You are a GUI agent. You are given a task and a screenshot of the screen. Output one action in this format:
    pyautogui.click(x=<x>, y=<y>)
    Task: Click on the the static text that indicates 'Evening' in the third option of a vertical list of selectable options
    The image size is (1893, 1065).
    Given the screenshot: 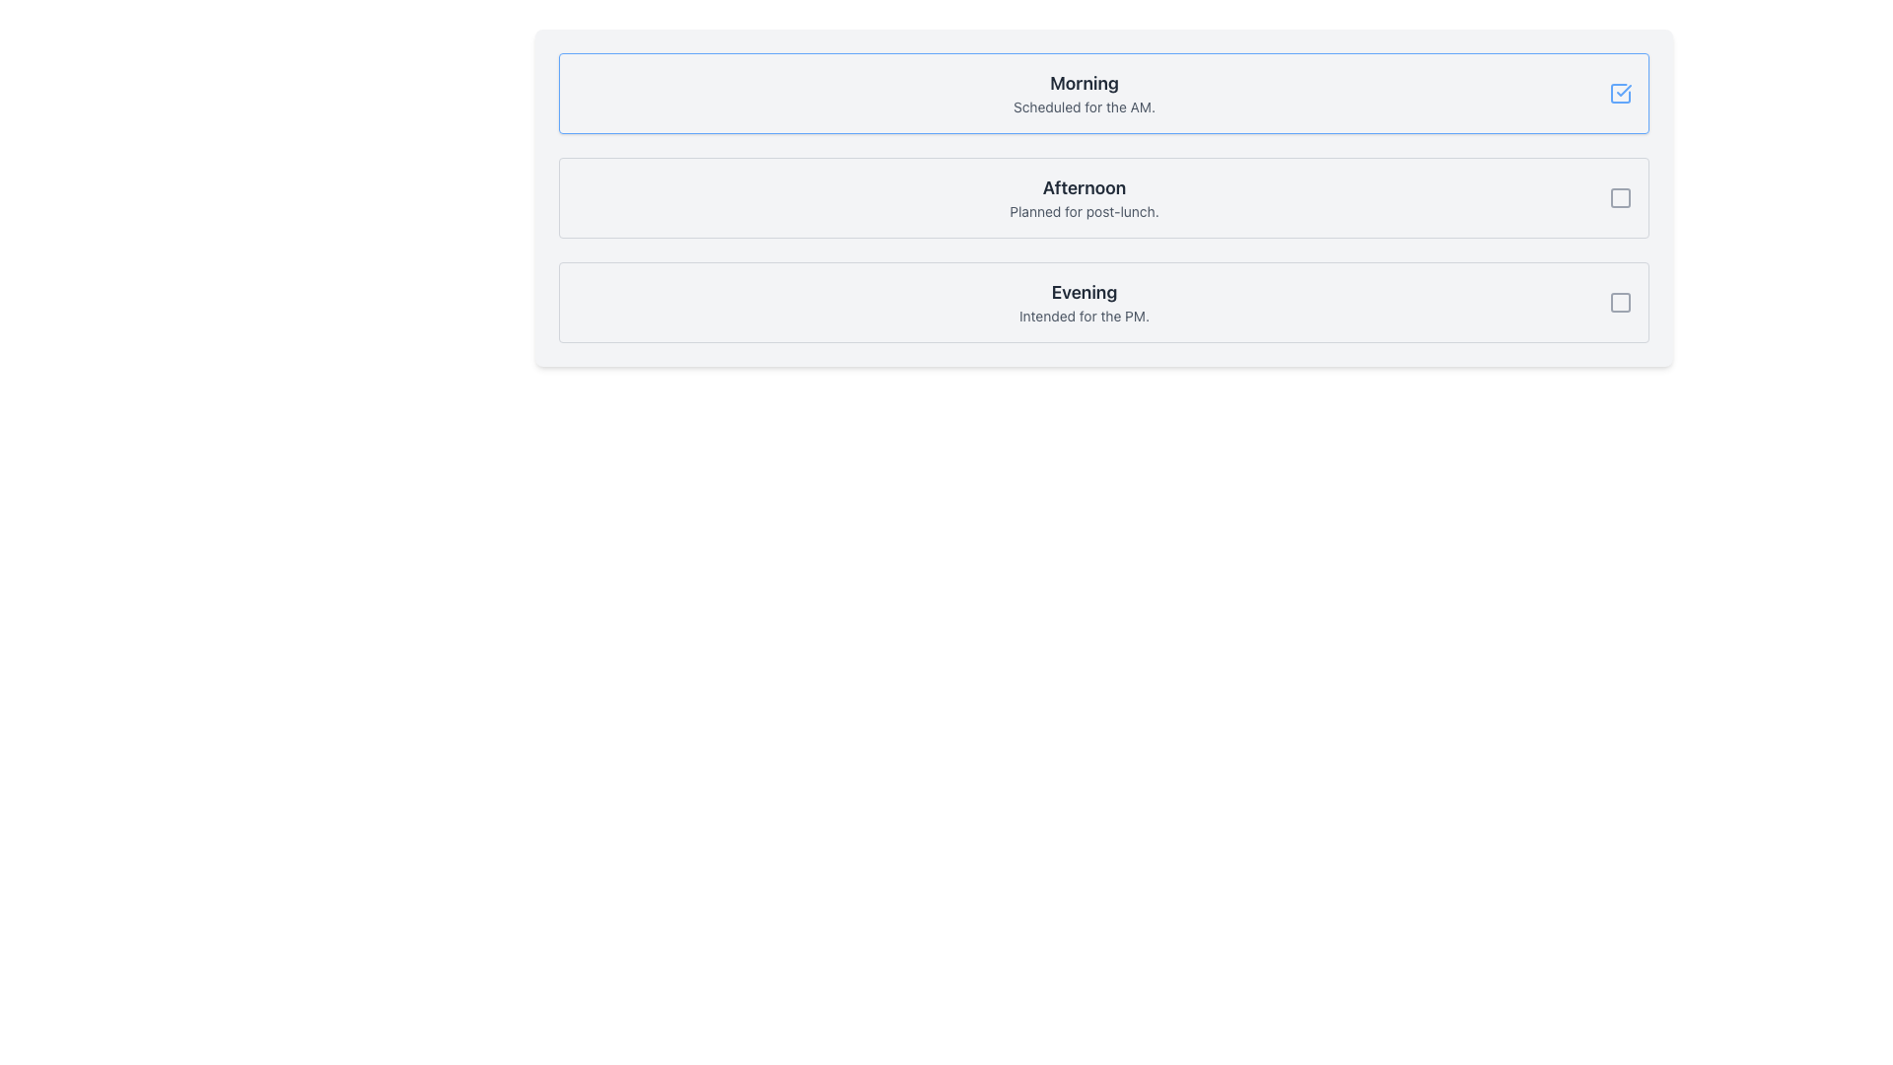 What is the action you would take?
    pyautogui.click(x=1083, y=303)
    